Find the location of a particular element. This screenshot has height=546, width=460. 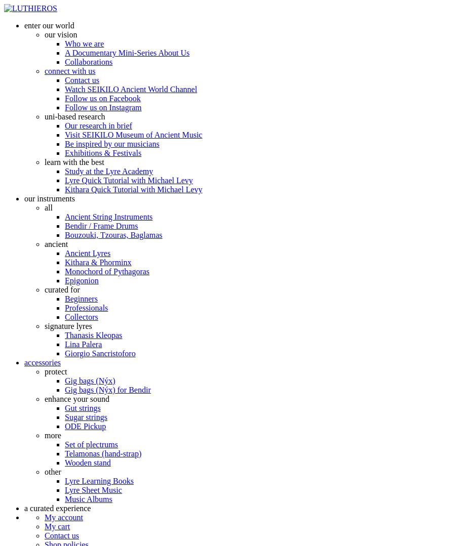

'Lyre Learning Books' is located at coordinates (99, 481).